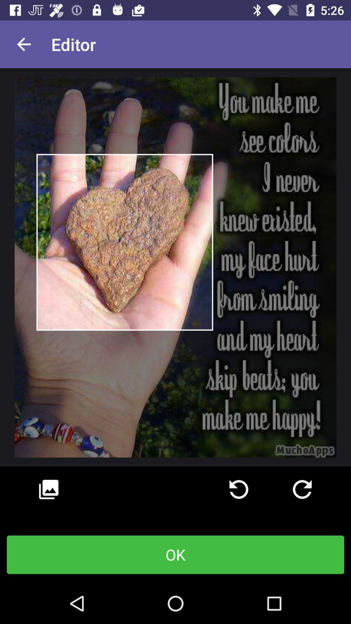 Image resolution: width=351 pixels, height=624 pixels. I want to click on the option is used to reload the page, so click(239, 489).